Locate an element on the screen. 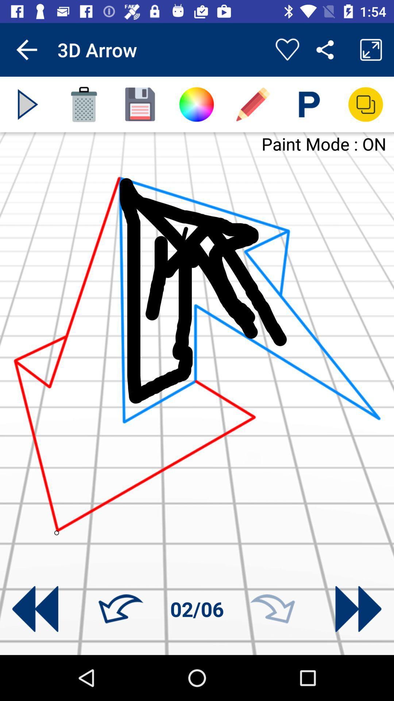  image is located at coordinates (140, 104).